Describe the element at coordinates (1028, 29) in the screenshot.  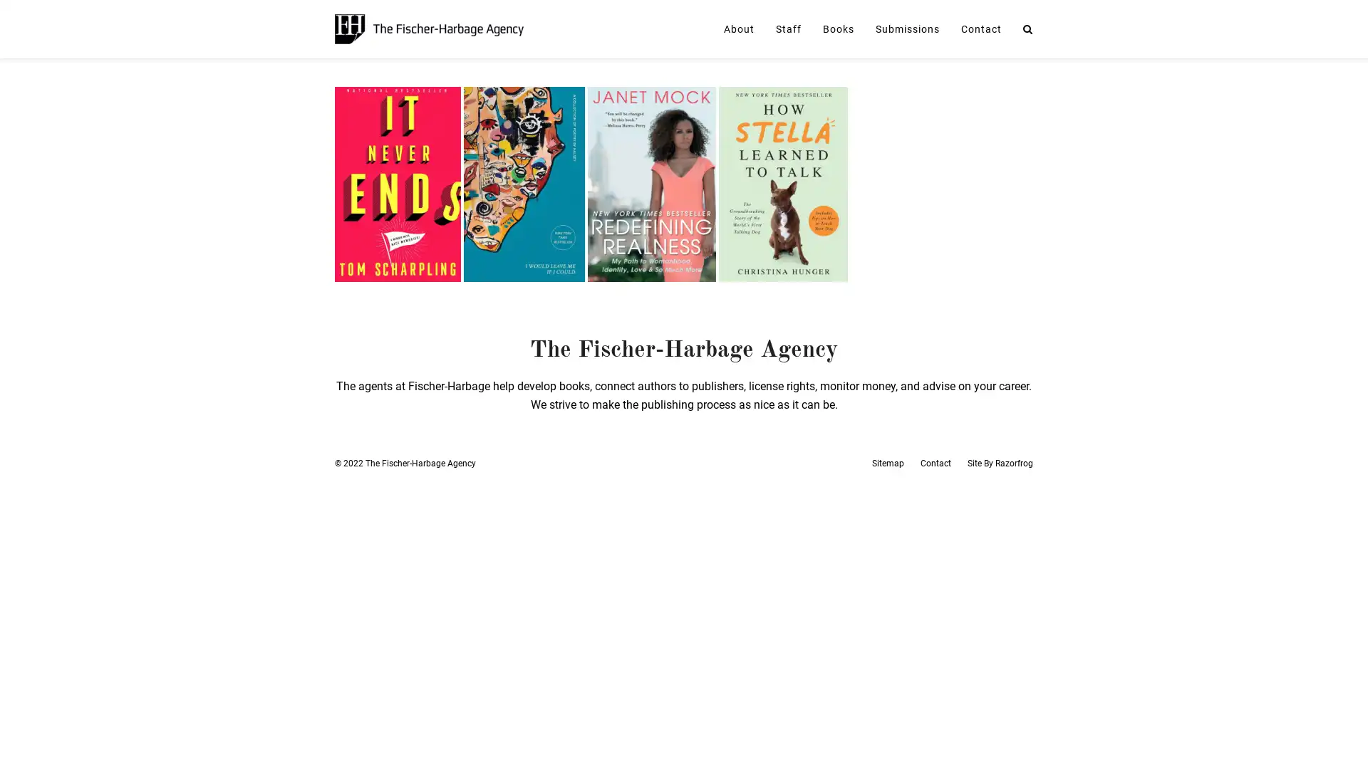
I see `Search` at that location.